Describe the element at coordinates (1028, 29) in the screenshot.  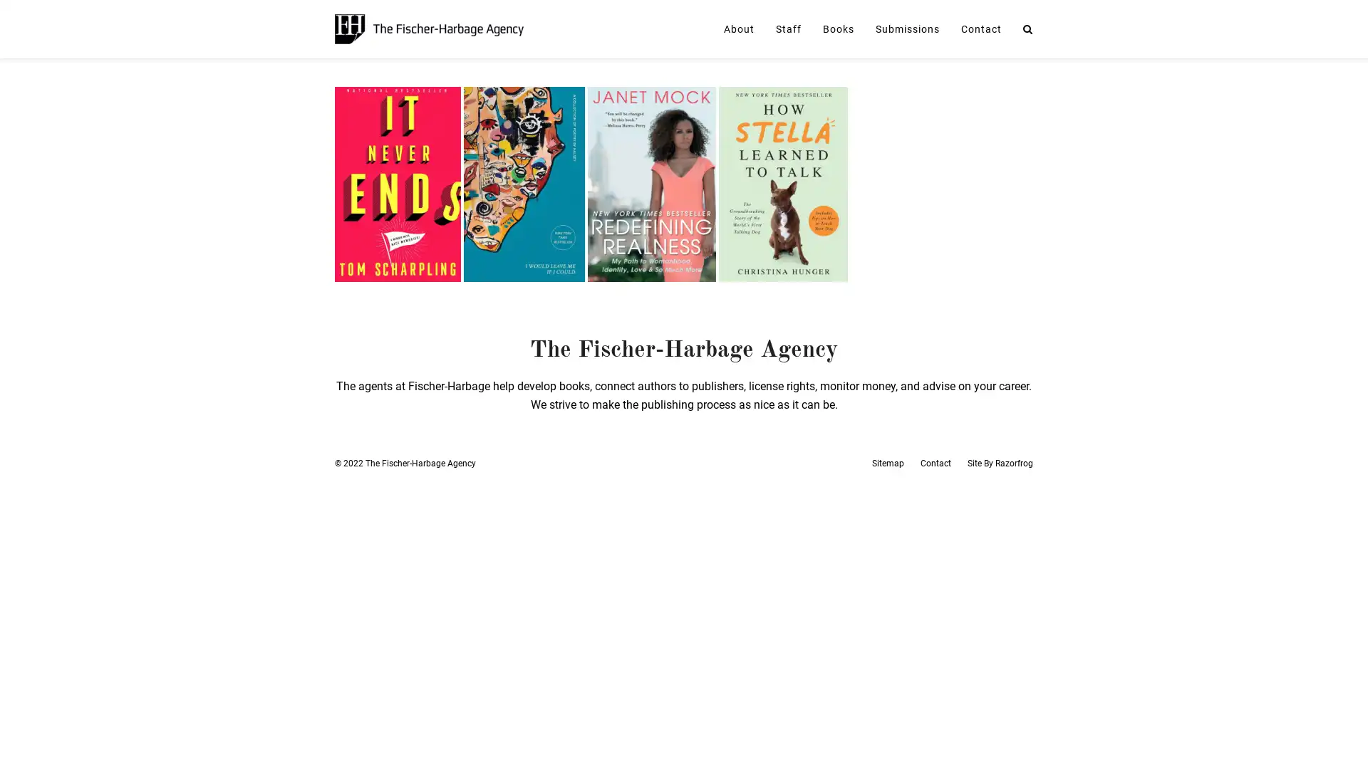
I see `Search` at that location.